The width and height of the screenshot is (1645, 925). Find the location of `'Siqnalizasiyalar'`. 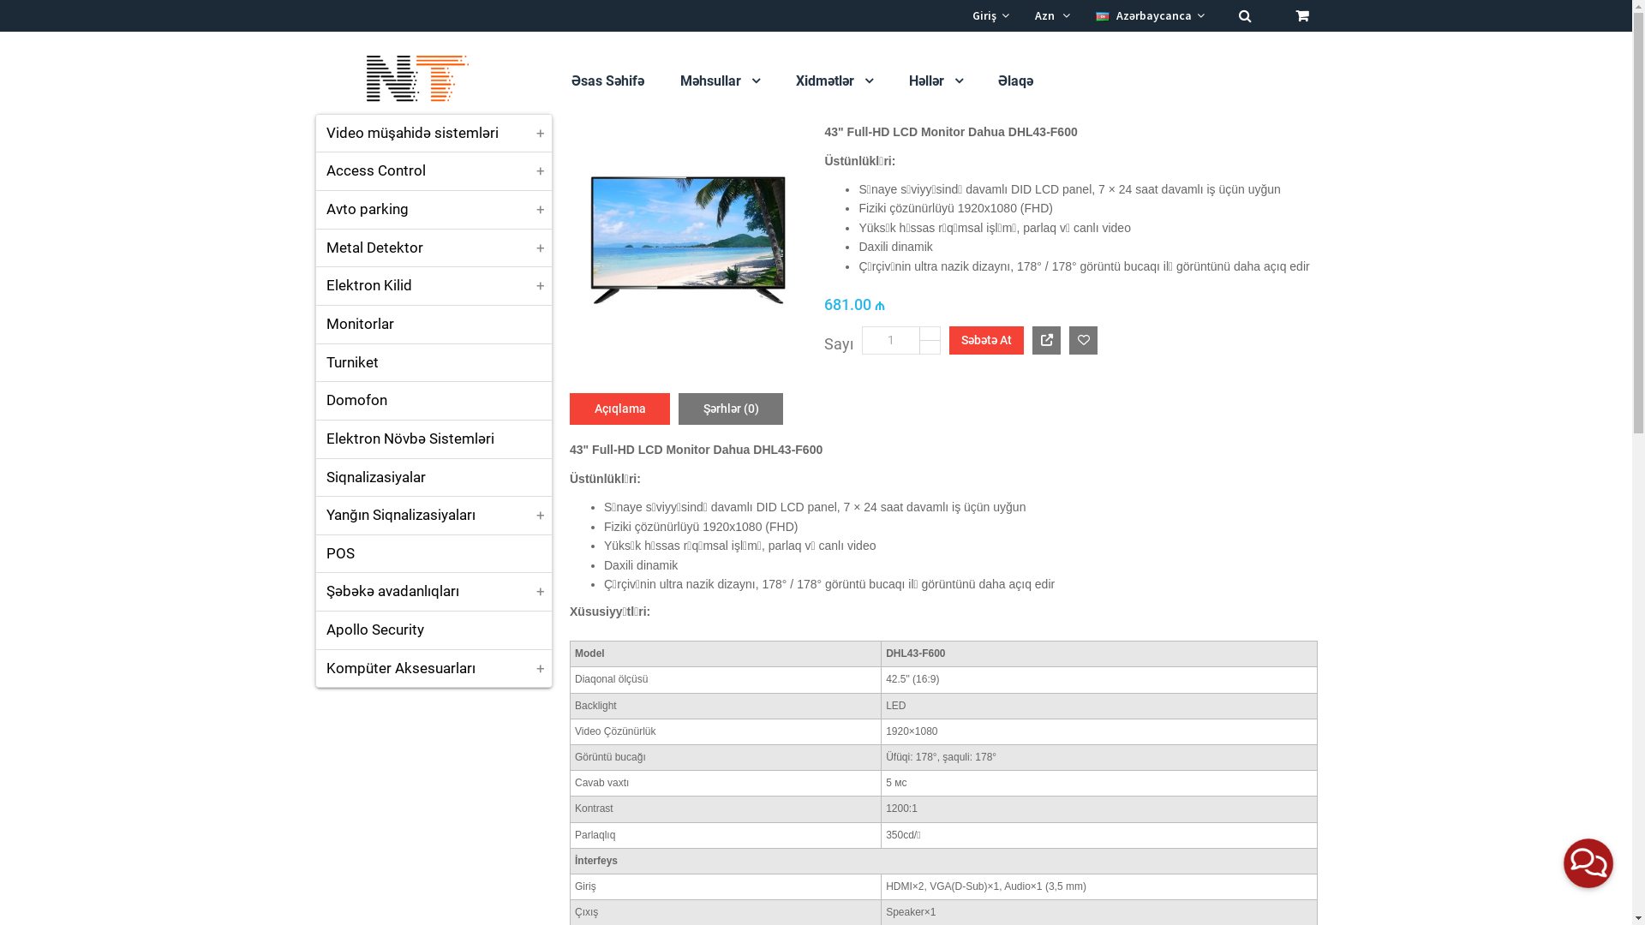

'Siqnalizasiyalar' is located at coordinates (433, 478).